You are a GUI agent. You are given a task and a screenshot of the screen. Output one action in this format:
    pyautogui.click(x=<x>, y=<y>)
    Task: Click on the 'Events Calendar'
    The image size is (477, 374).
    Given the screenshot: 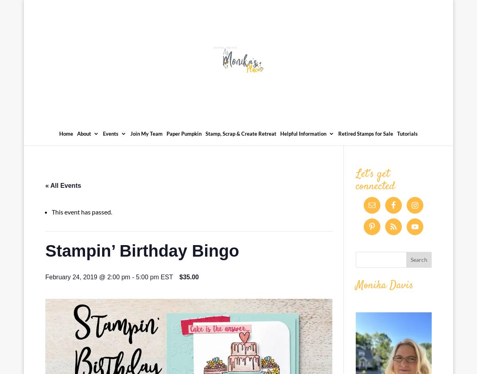 What is the action you would take?
    pyautogui.click(x=118, y=163)
    